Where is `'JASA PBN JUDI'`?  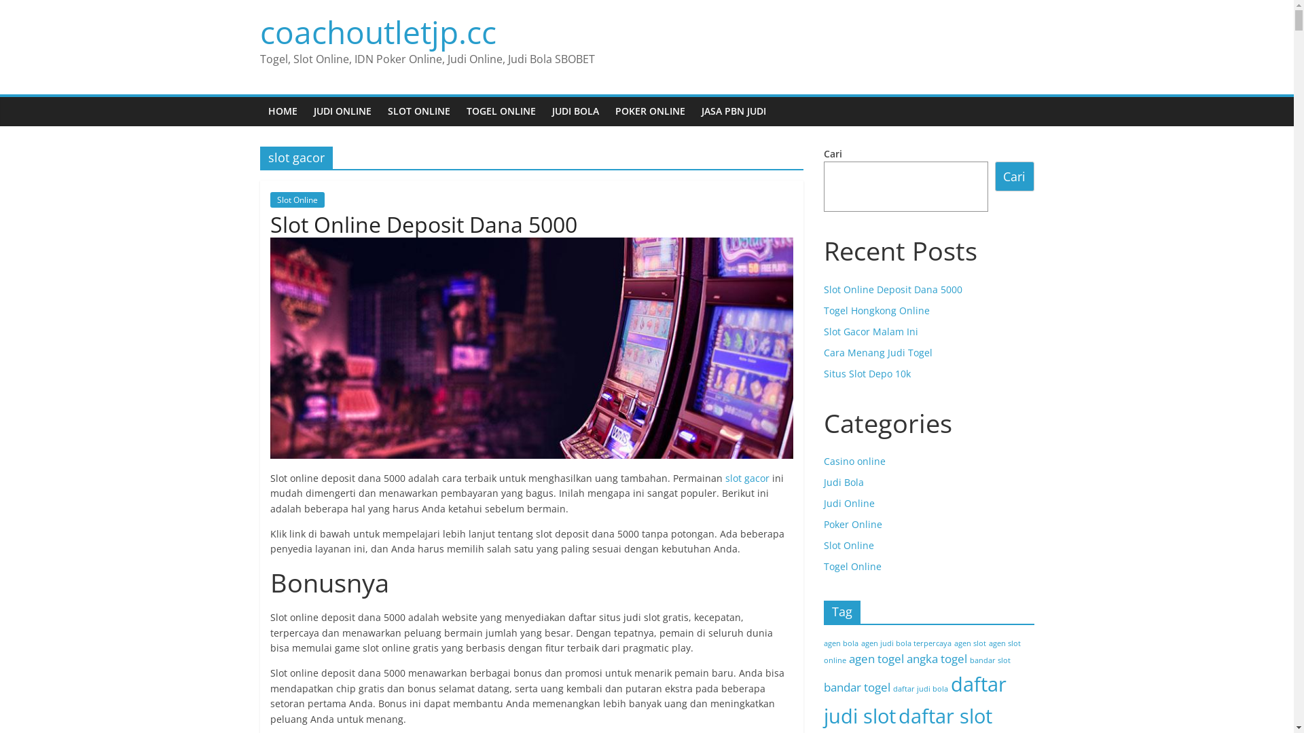 'JASA PBN JUDI' is located at coordinates (732, 111).